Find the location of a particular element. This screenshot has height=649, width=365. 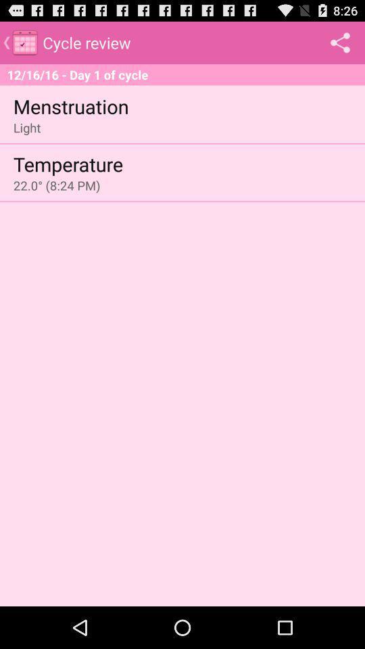

22 0 8 icon is located at coordinates (56, 185).